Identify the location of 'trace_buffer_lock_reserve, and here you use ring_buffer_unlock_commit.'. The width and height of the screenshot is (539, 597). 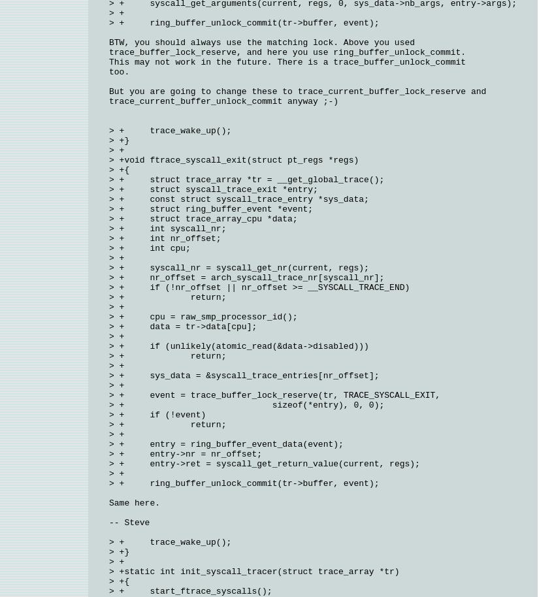
(289, 52).